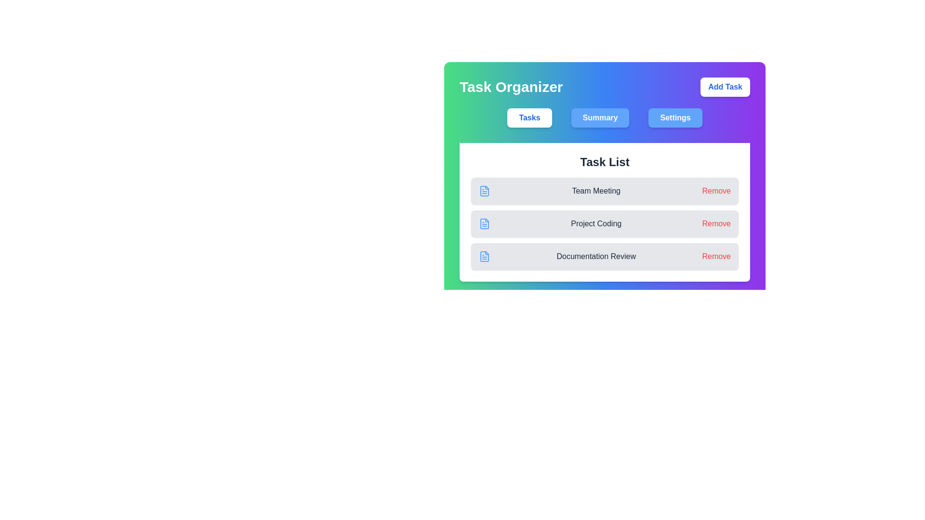  What do you see at coordinates (485, 256) in the screenshot?
I see `the document visual icon located in the Task List panel, which serves as an indicator for the 'Documentation Review' section` at bounding box center [485, 256].